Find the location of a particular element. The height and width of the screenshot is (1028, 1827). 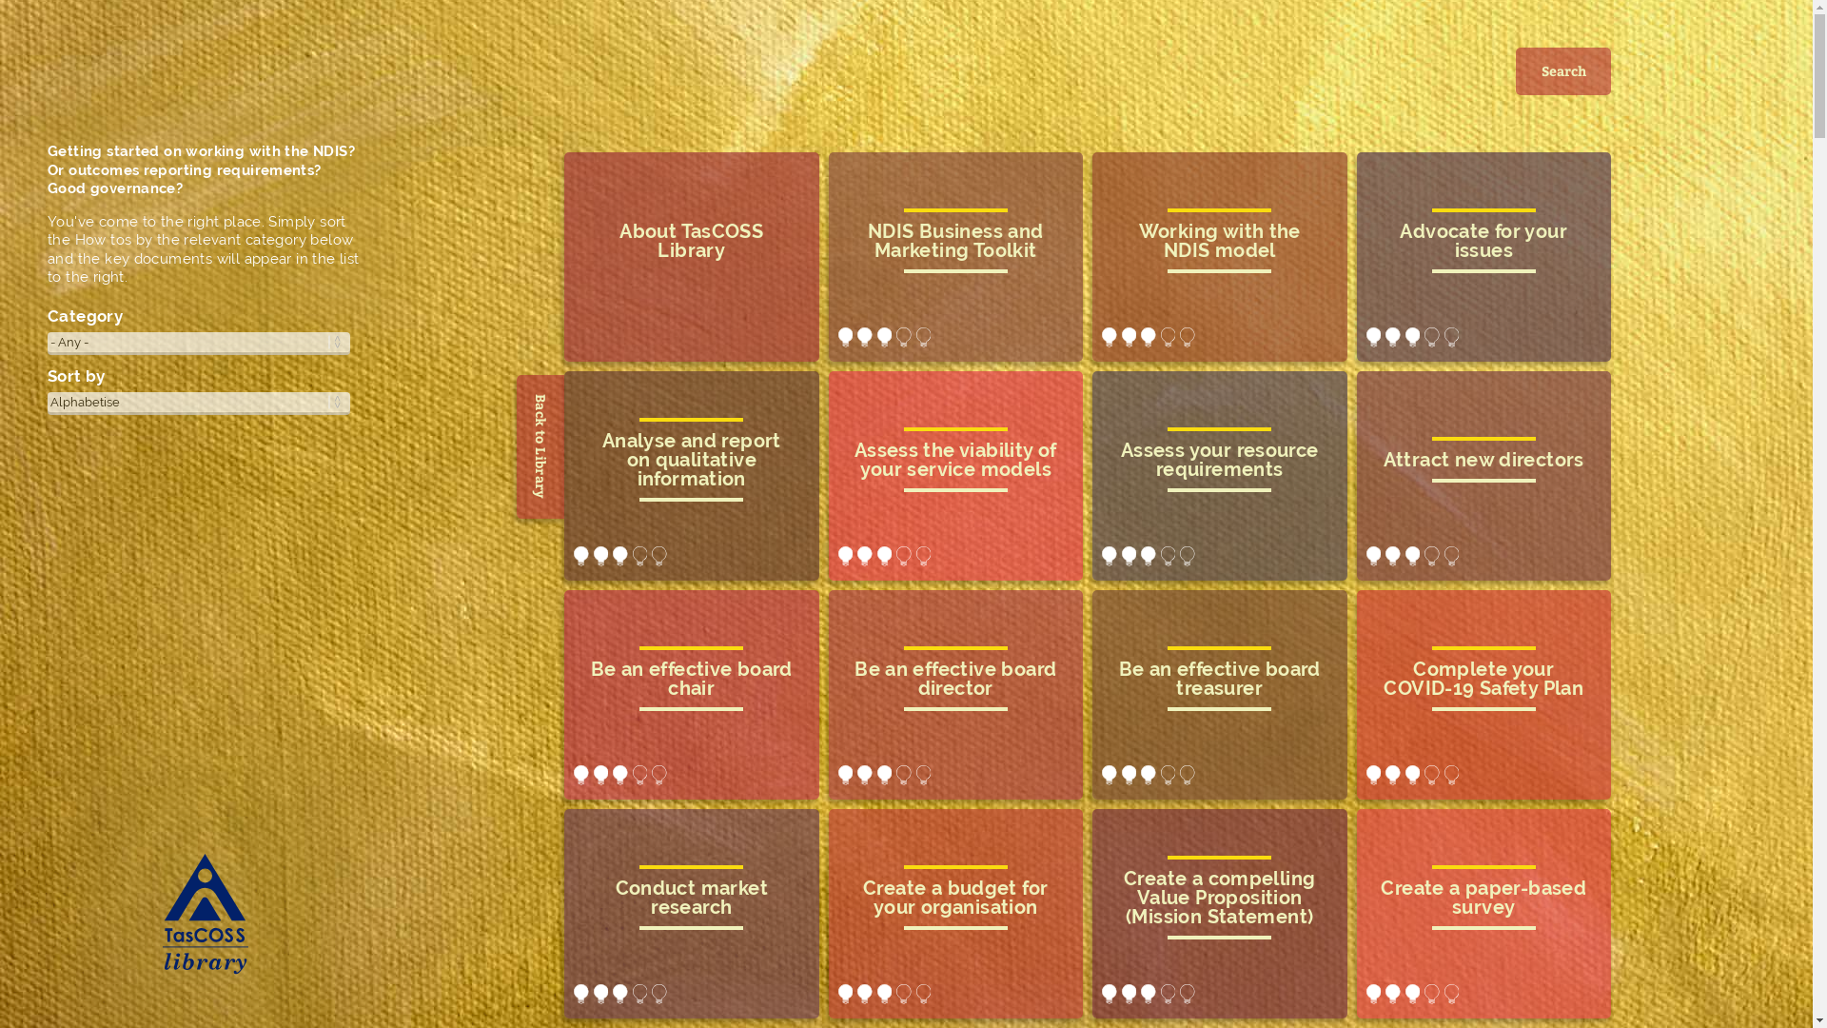

'attract new directors' is located at coordinates (1483, 475).